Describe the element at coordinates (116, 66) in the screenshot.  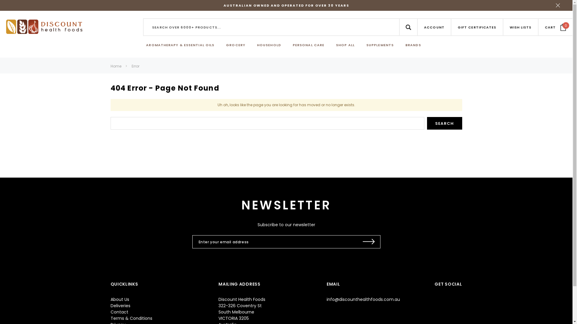
I see `'Home'` at that location.